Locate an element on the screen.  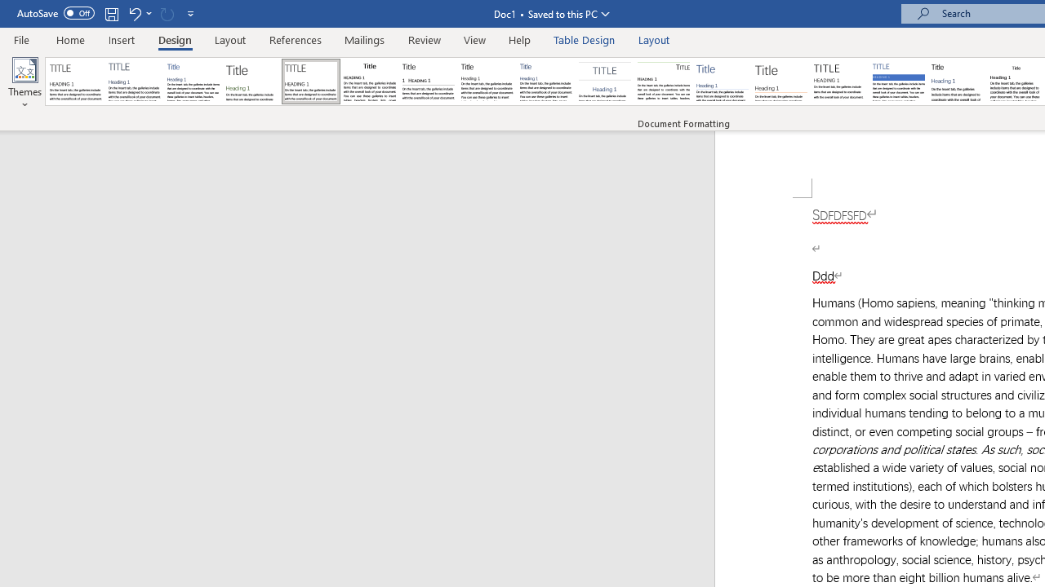
'Home' is located at coordinates (69, 39).